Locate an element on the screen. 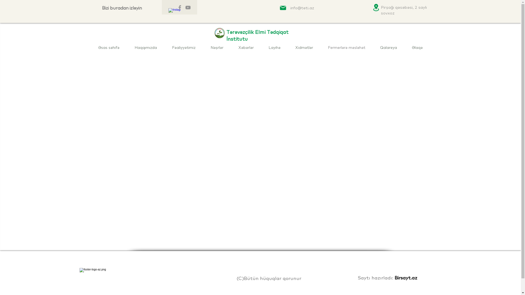 Image resolution: width=525 pixels, height=295 pixels. 'Qalareya' is located at coordinates (372, 47).